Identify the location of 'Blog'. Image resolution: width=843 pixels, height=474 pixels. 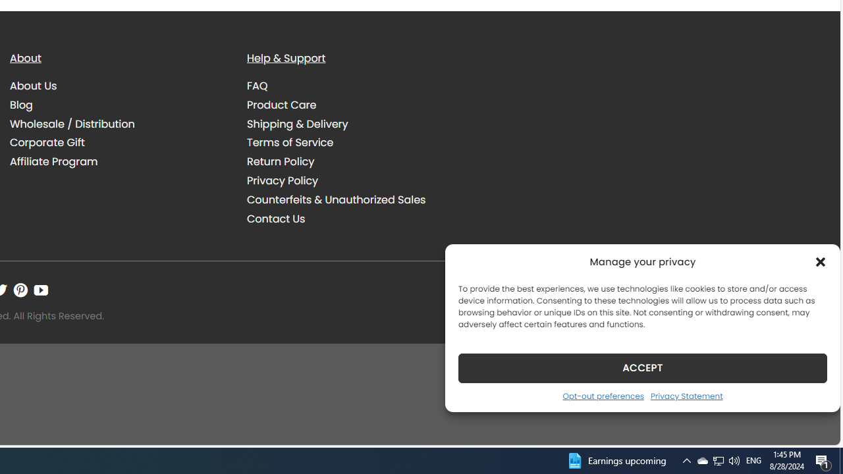
(21, 104).